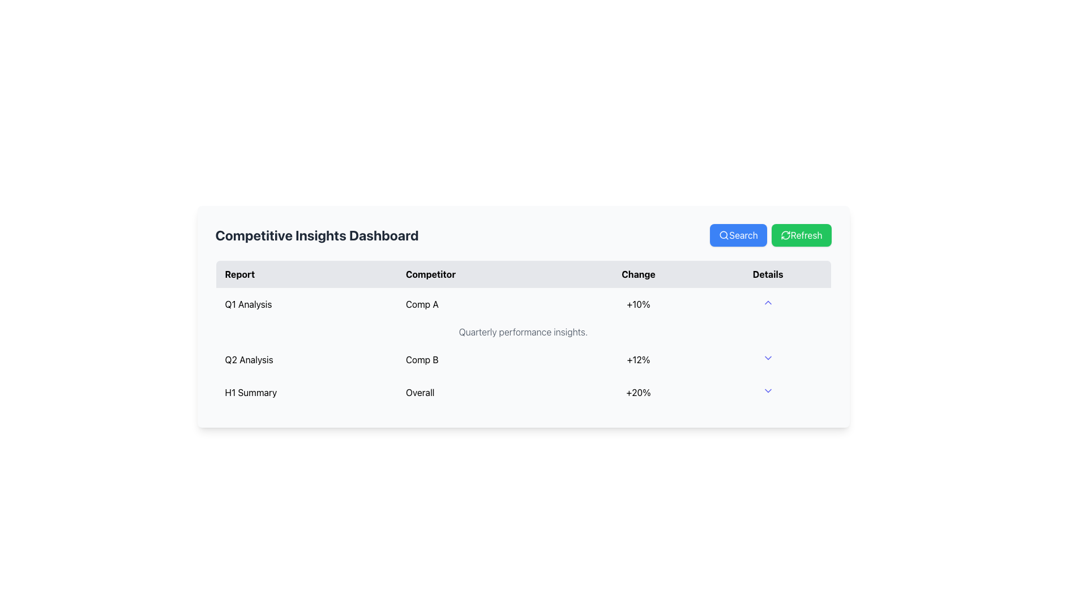 The image size is (1087, 611). What do you see at coordinates (768, 358) in the screenshot?
I see `the downward chevron icon in the 'Details' column aligned with the 'Q2 Analysis' row` at bounding box center [768, 358].